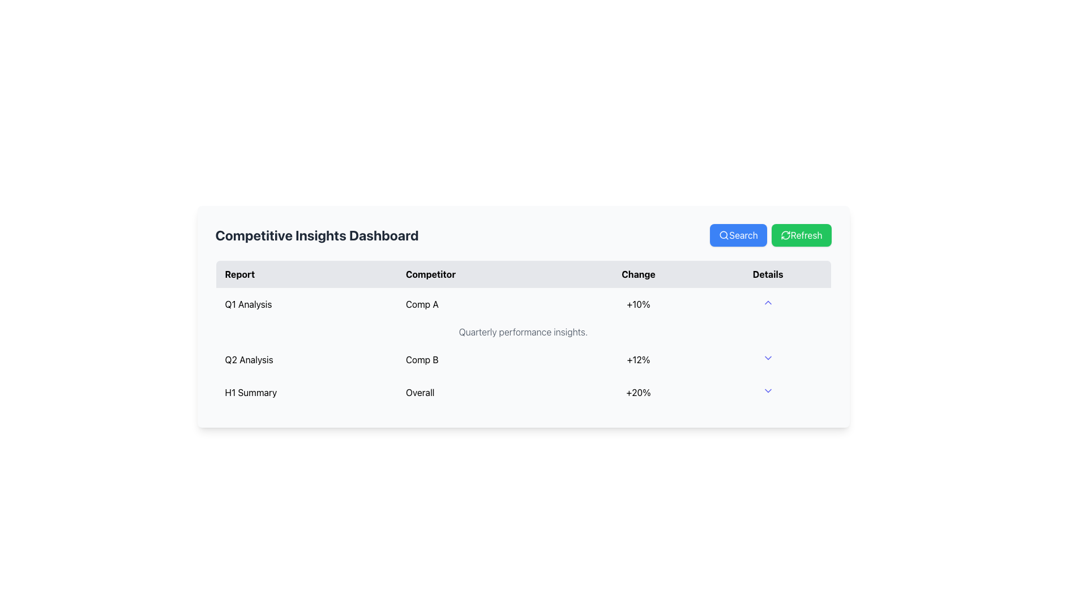 The image size is (1087, 611). What do you see at coordinates (768, 358) in the screenshot?
I see `the downward chevron icon in the 'Details' column aligned with the 'Q2 Analysis' row` at bounding box center [768, 358].